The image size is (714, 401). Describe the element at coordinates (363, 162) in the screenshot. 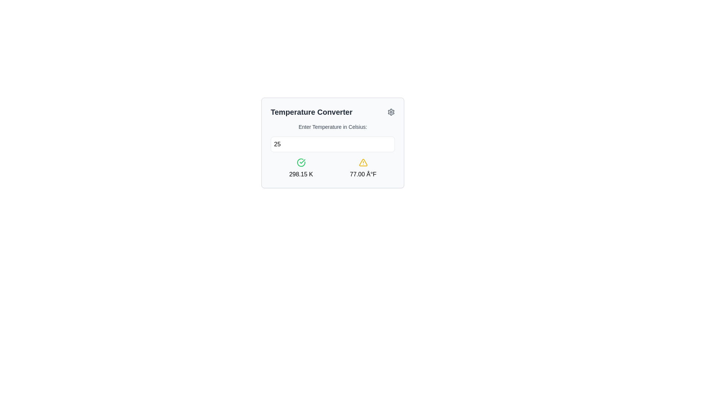

I see `Warning/Alert icon that visually indicates a warning state related to the Fahrenheit temperature result, located to the right of the numeric temperature input box` at that location.